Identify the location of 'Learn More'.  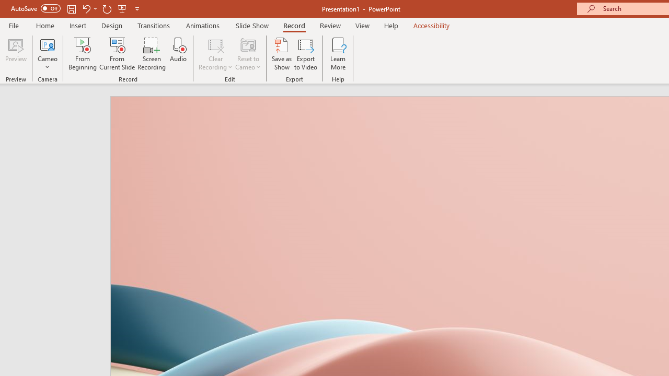
(338, 54).